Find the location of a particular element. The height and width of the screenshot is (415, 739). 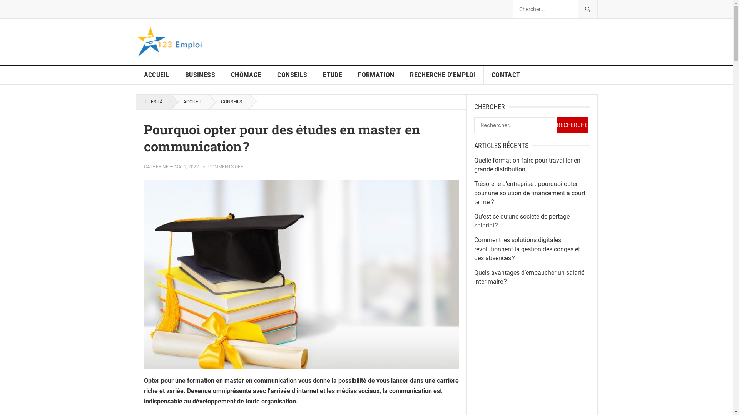

'BUSINESS' is located at coordinates (200, 75).